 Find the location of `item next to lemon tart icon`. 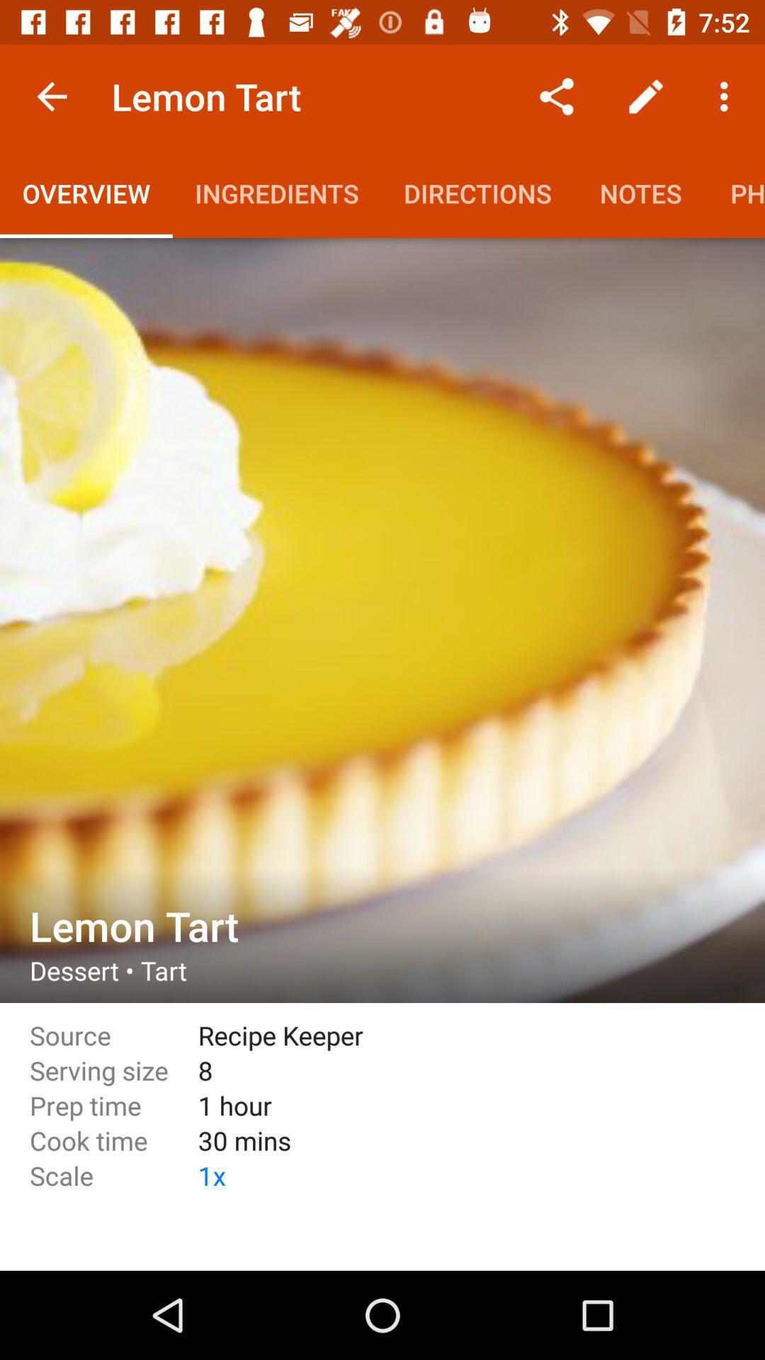

item next to lemon tart icon is located at coordinates (51, 96).